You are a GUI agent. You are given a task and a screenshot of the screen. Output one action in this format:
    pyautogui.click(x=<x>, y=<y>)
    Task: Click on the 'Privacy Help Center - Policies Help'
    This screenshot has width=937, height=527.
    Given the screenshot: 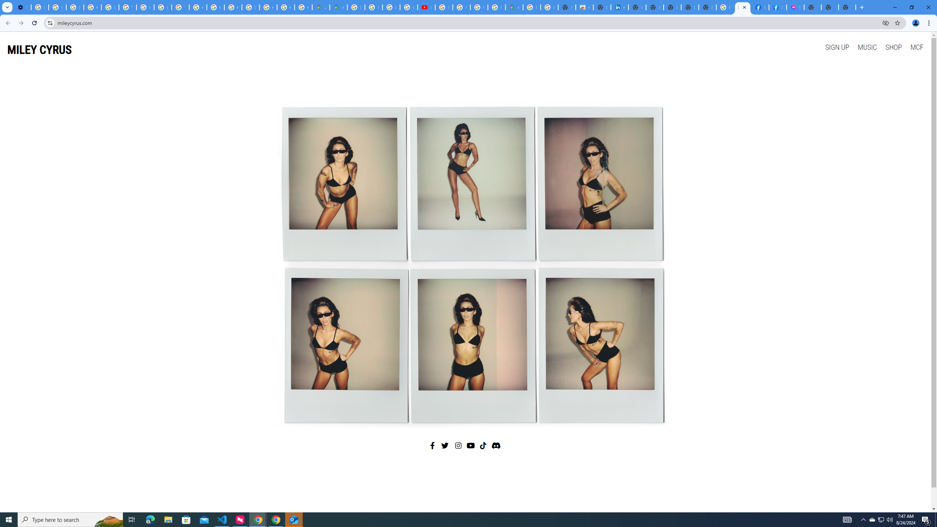 What is the action you would take?
    pyautogui.click(x=109, y=7)
    